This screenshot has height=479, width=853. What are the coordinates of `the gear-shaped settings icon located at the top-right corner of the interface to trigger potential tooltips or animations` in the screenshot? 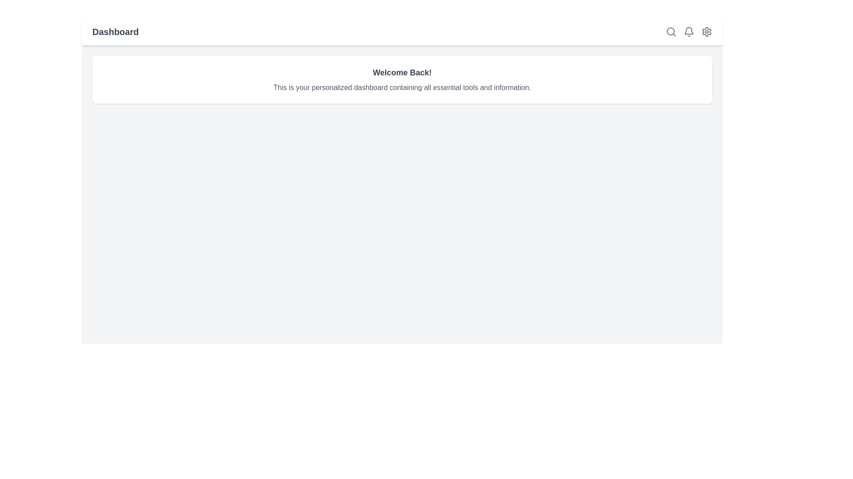 It's located at (706, 31).